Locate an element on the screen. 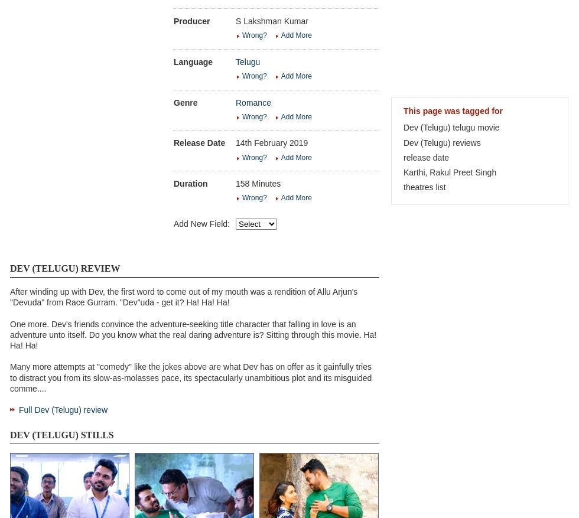  'Producer' is located at coordinates (174, 20).